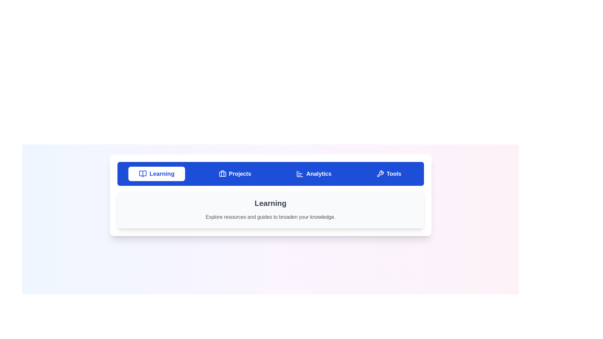 The width and height of the screenshot is (603, 339). Describe the element at coordinates (380, 174) in the screenshot. I see `the tools settings icon located within the 'Tools' button on the rightmost side of the navigation bar, positioned directly to the left of the 'Tools' text` at that location.